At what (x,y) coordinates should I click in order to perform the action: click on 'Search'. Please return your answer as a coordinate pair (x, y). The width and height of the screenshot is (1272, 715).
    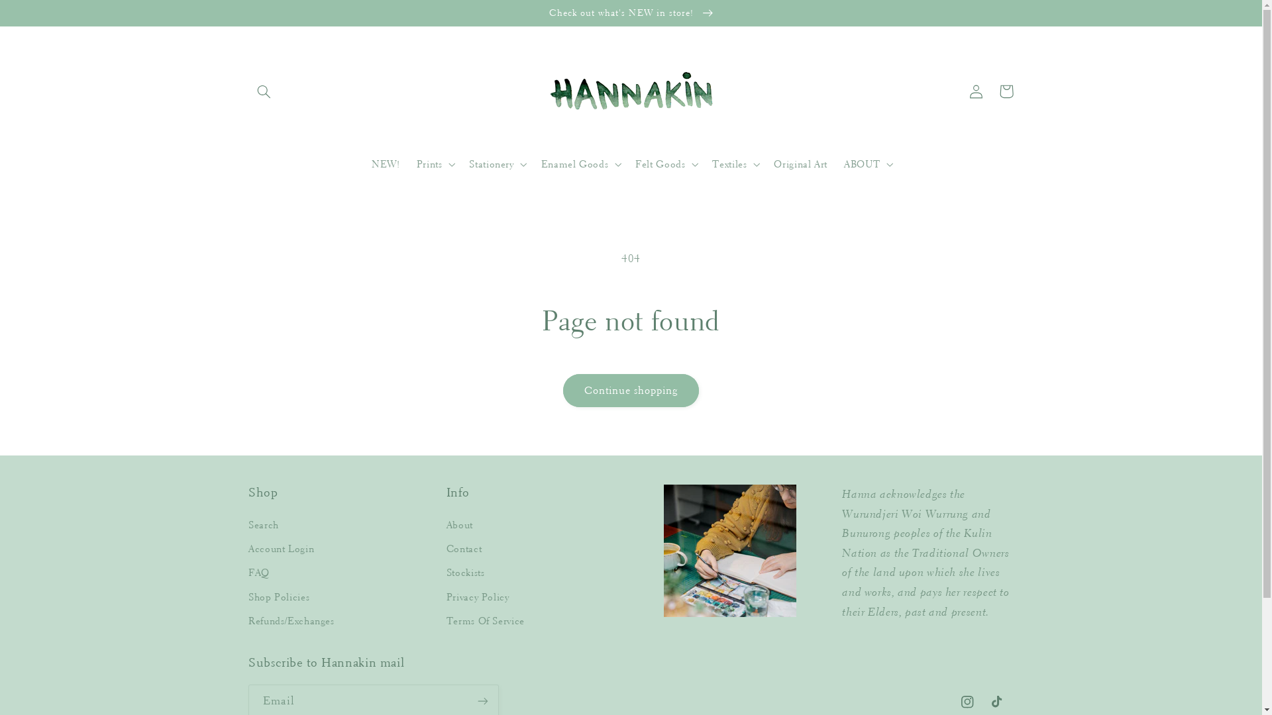
    Looking at the image, I should click on (248, 526).